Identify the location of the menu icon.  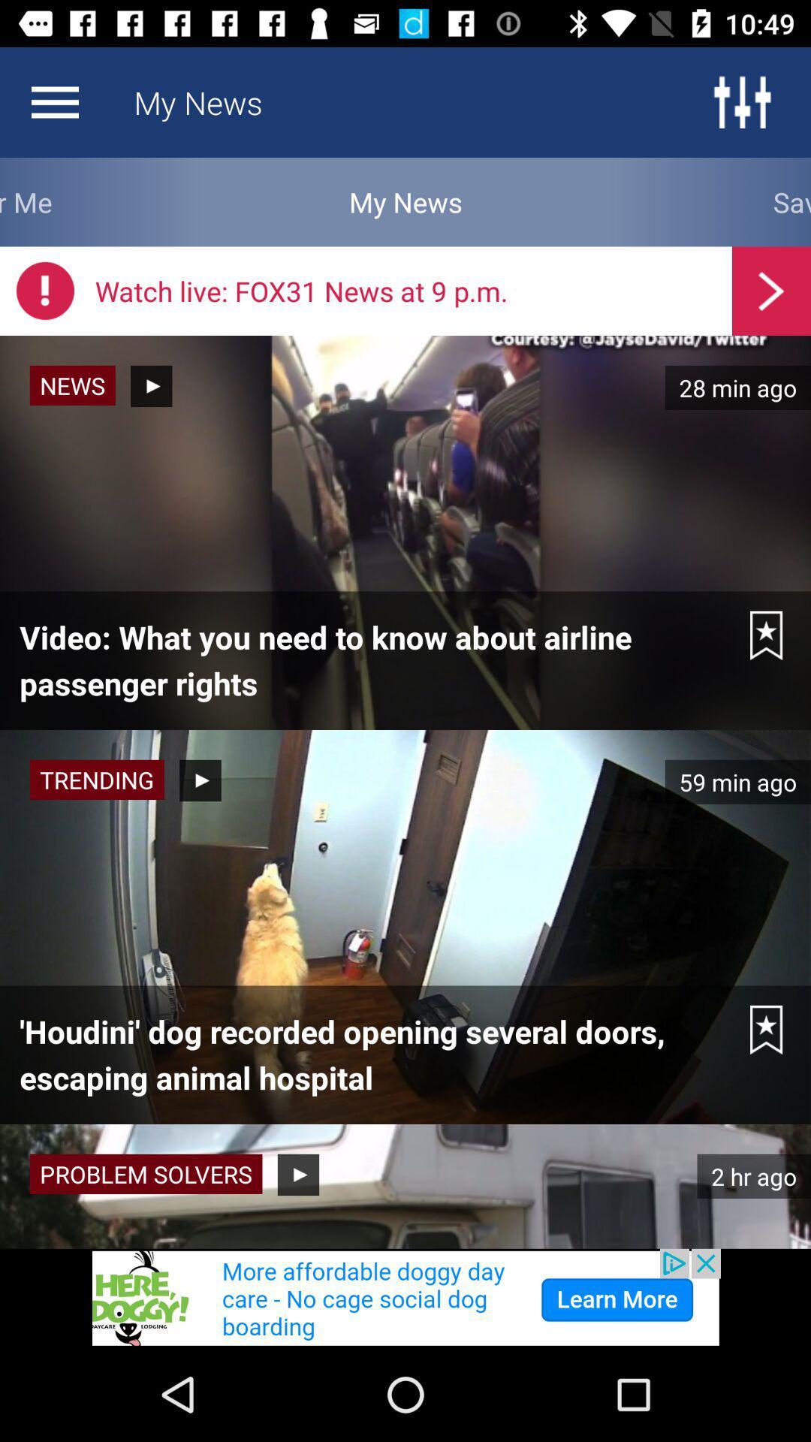
(54, 101).